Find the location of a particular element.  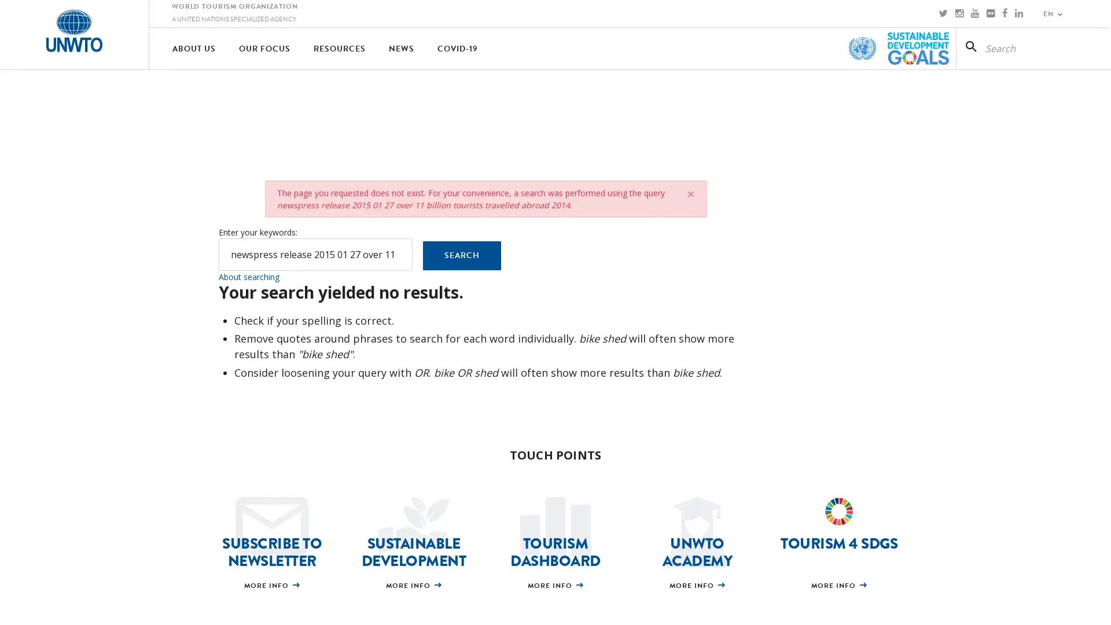

Close is located at coordinates (690, 193).